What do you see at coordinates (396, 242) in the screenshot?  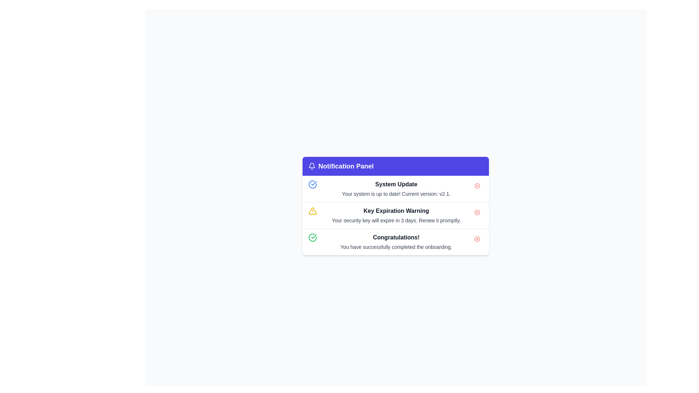 I see `the 'Congratulations!' notification message row, which is the third notification in the list, displaying a bold headline and a secondary line about successful onboarding` at bounding box center [396, 242].